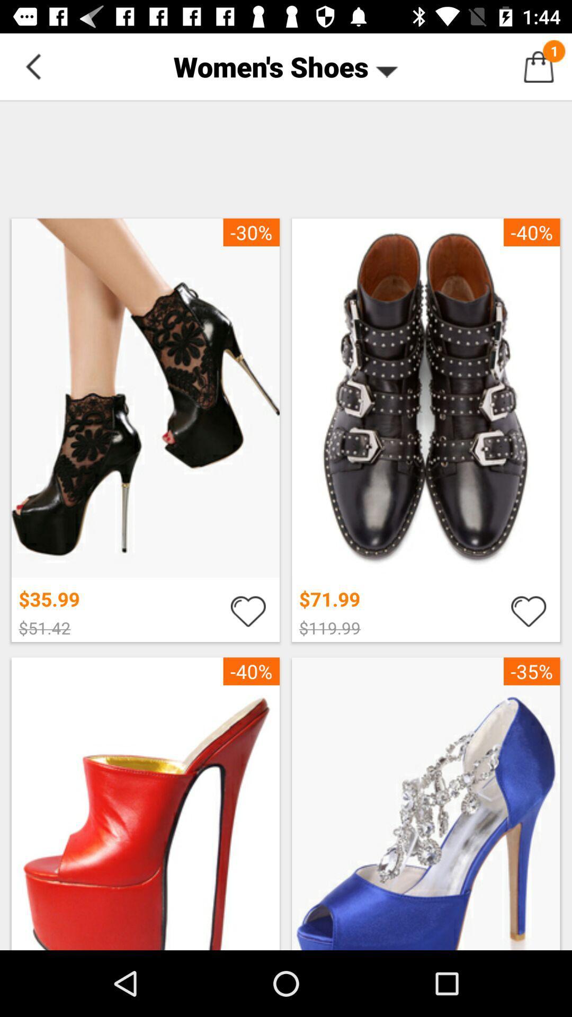 The width and height of the screenshot is (572, 1017). What do you see at coordinates (248, 610) in the screenshot?
I see `heart shoe` at bounding box center [248, 610].